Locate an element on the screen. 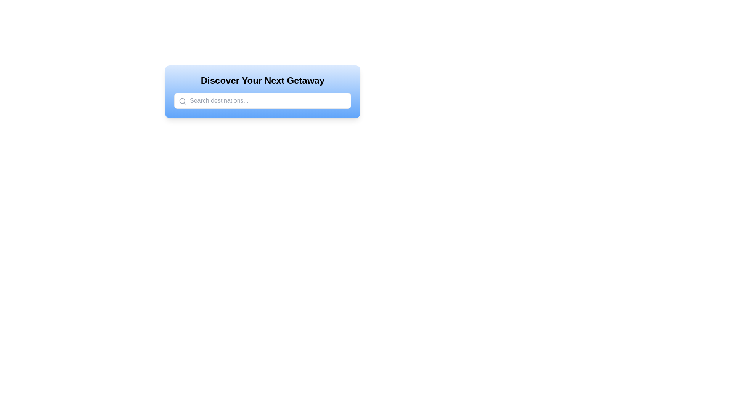  the magnifying glass icon located to the far left inside the text input box below the 'Discover Your Next Getaway' header is located at coordinates (182, 101).